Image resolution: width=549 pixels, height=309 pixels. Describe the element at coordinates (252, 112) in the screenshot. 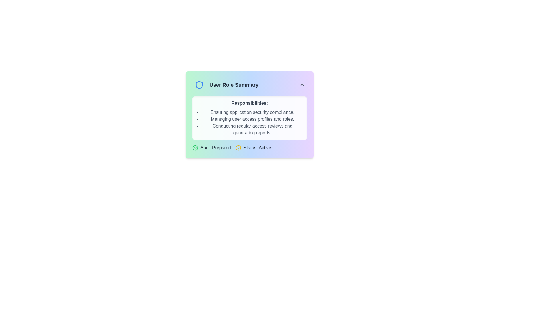

I see `the text element reading 'Ensuring application security compliance.' which is the first item in the bullet-point list under the 'Responsibilities:' section in the 'User Role Summary' card` at that location.